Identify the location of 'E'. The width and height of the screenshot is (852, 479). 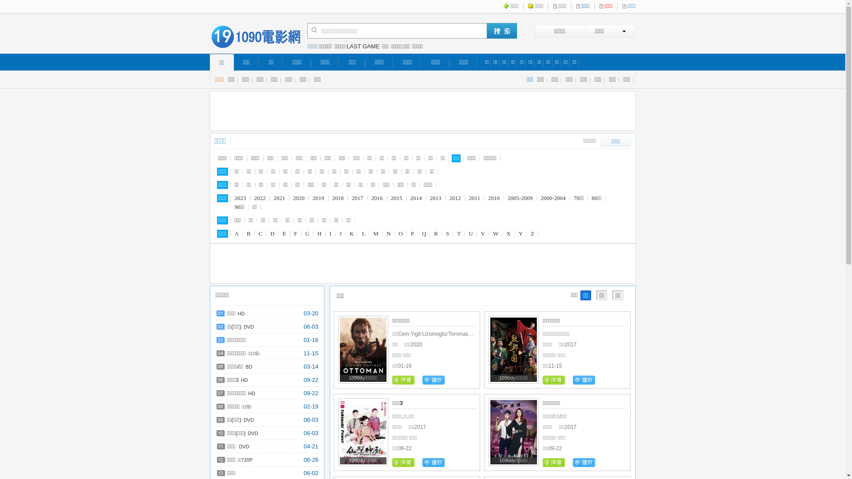
(280, 233).